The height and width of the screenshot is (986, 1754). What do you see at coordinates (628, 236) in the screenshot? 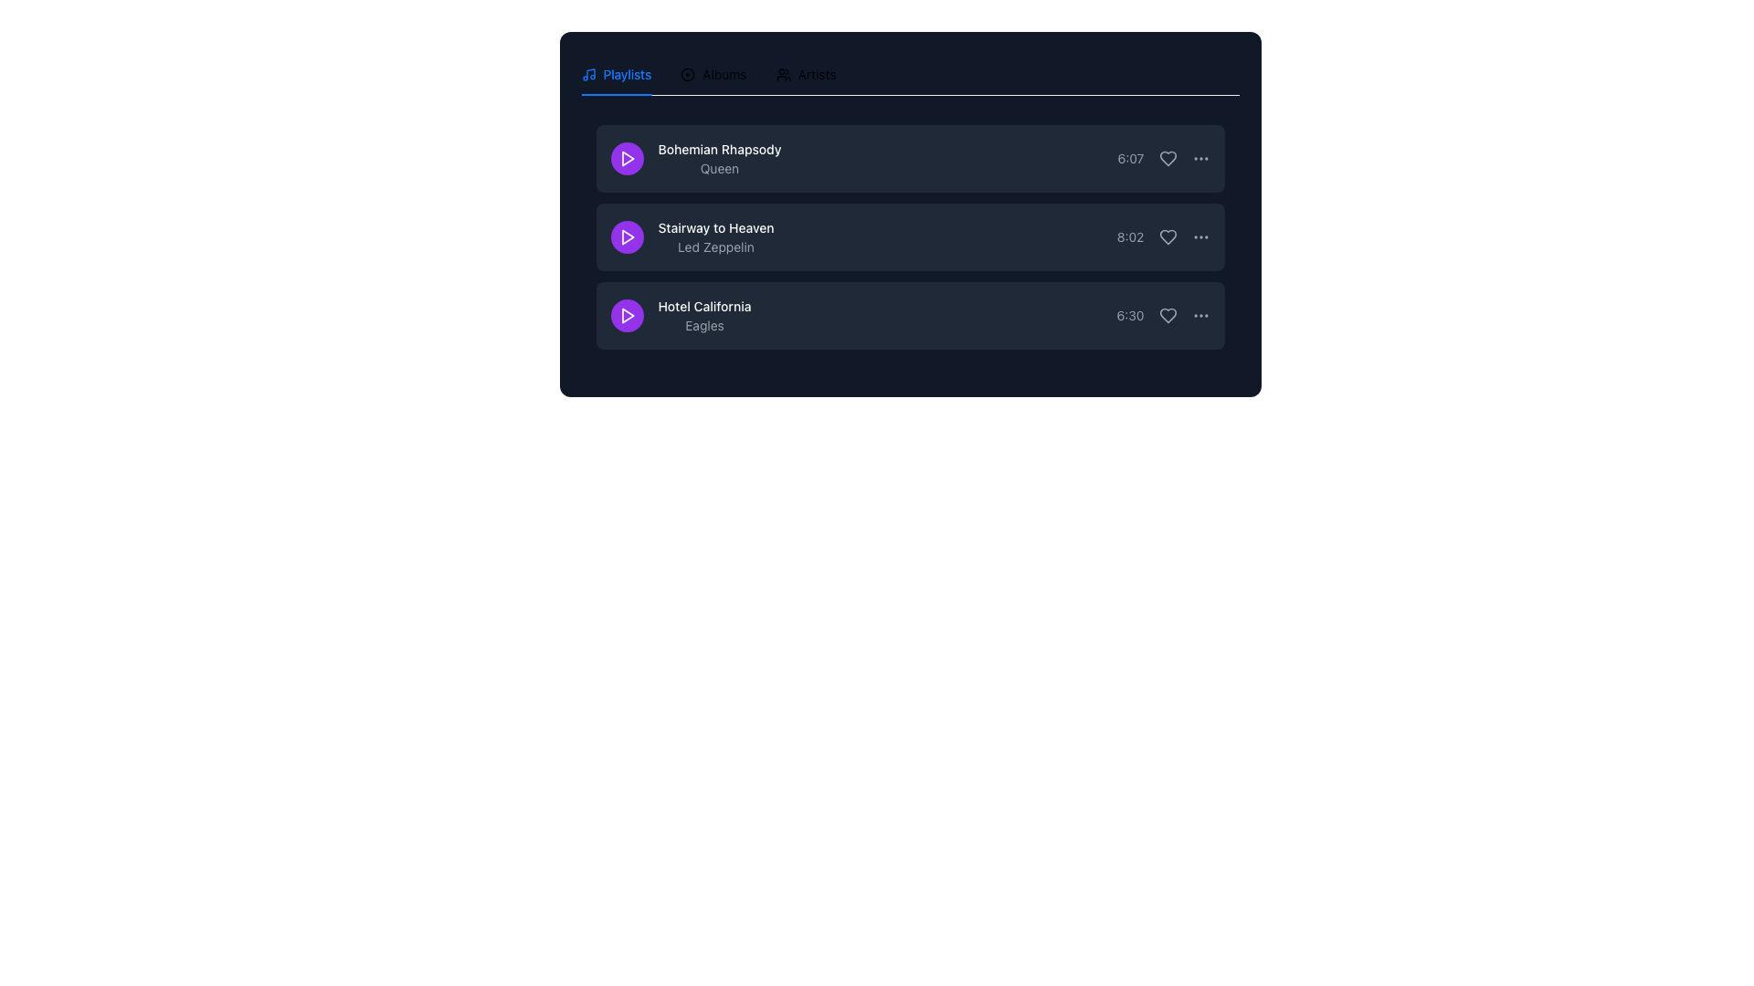
I see `the play button for the song 'Stairway to Heaven by Led Zeppelin' to enable keyboard-based selection` at bounding box center [628, 236].